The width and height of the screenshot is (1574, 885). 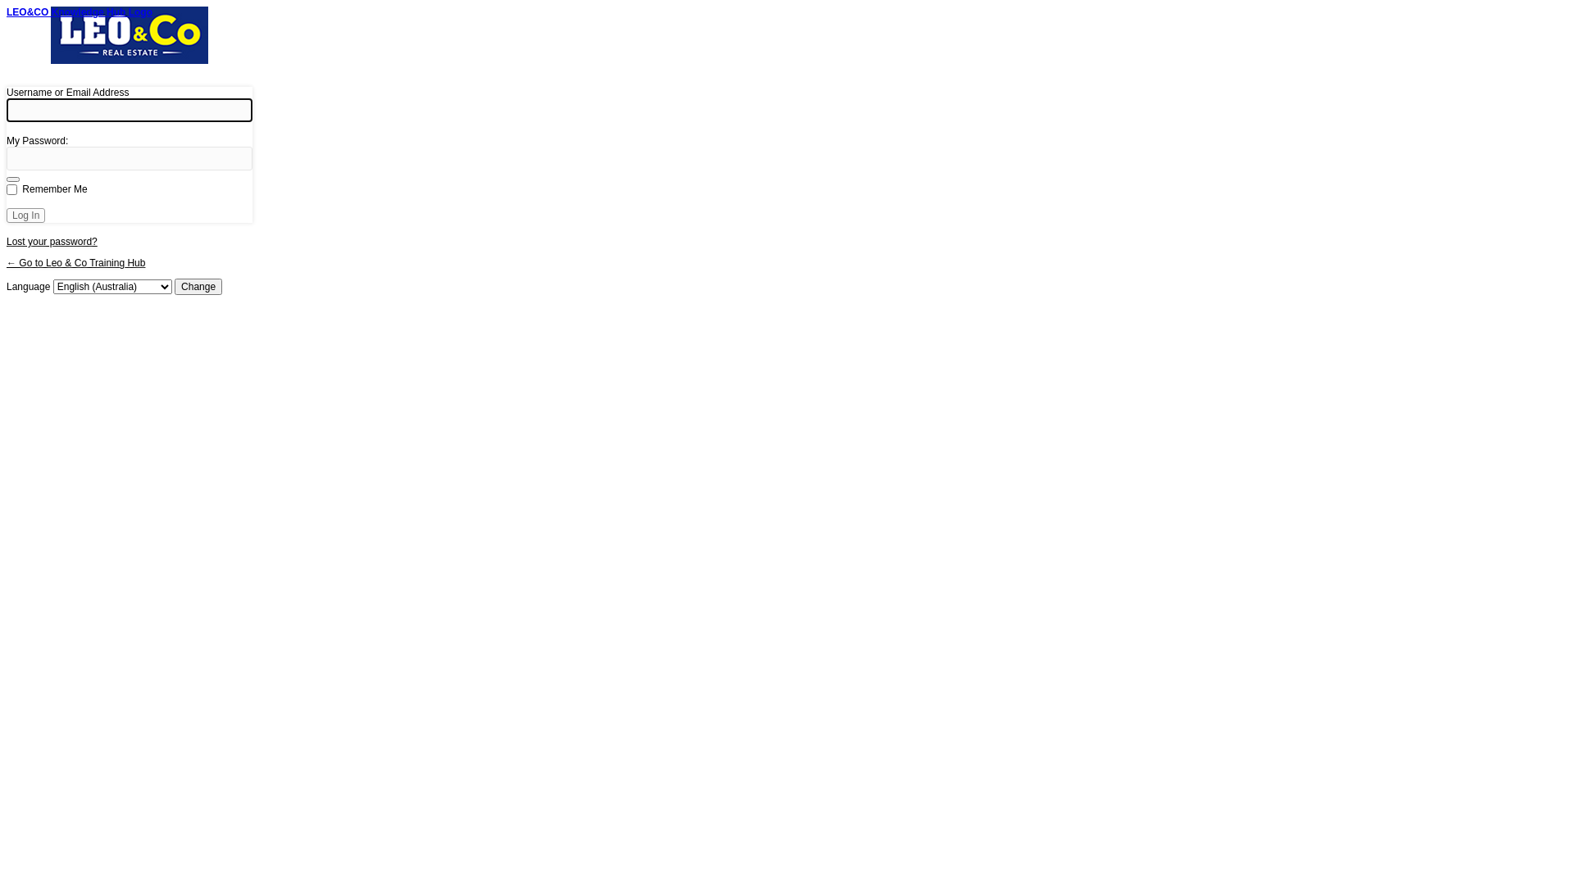 What do you see at coordinates (197, 286) in the screenshot?
I see `'Change'` at bounding box center [197, 286].